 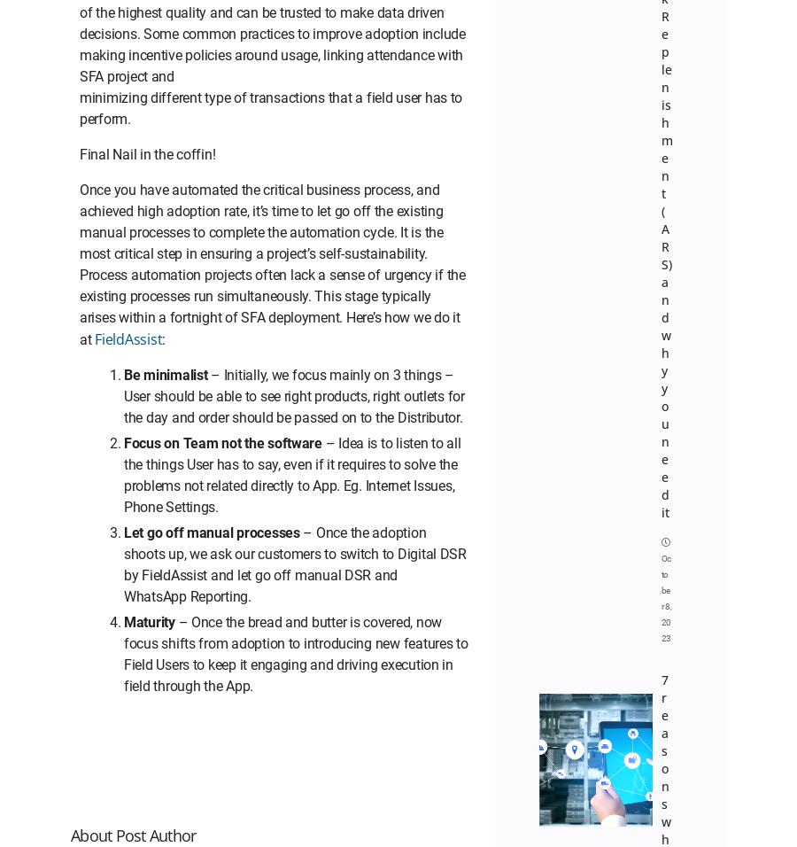 I want to click on 'Institutional Sales', so click(x=206, y=175).